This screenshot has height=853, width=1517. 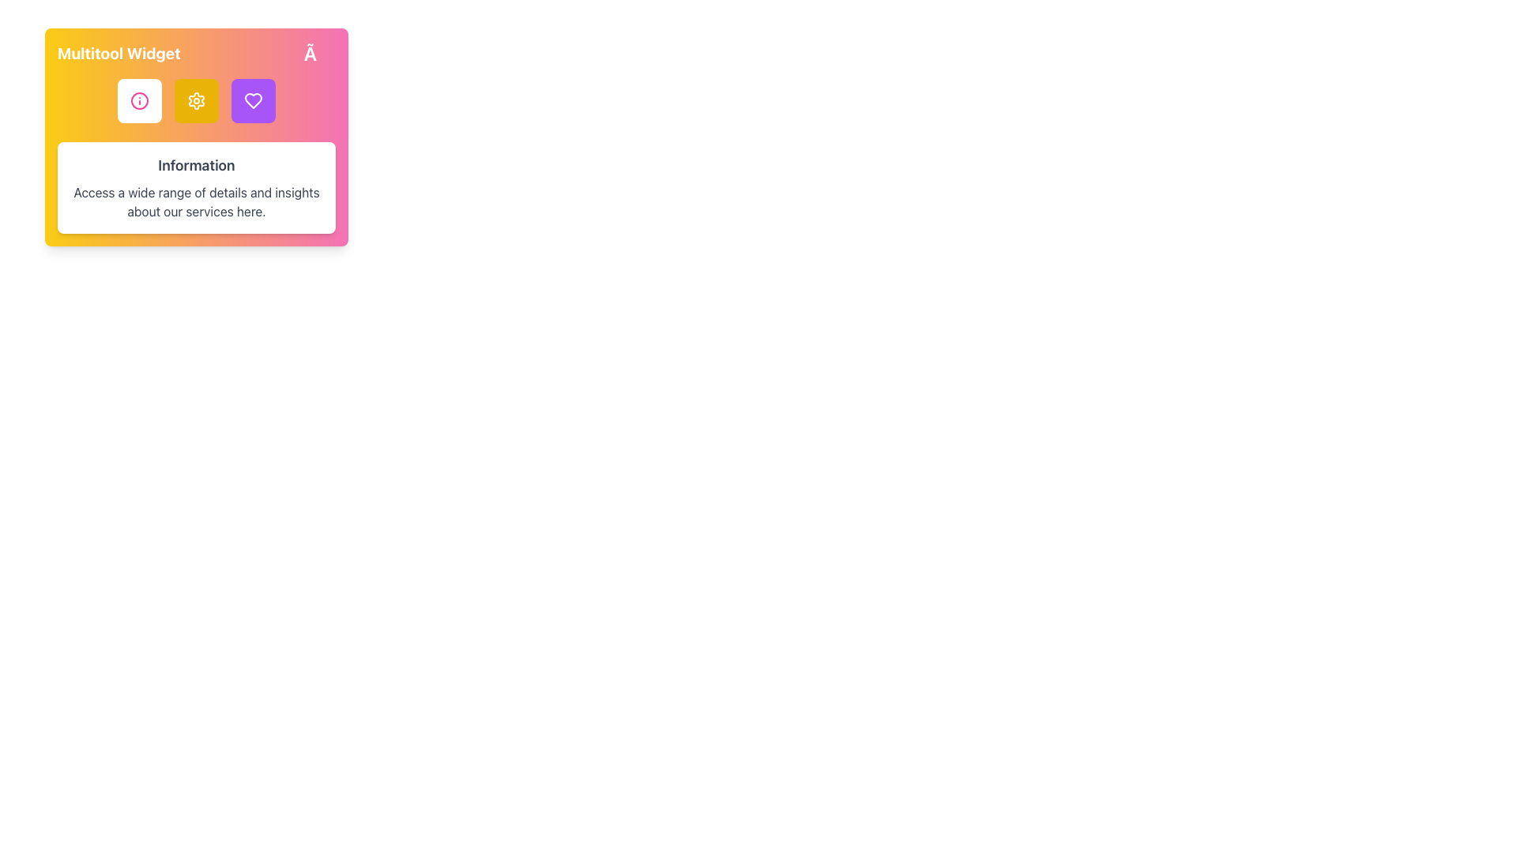 What do you see at coordinates (196, 187) in the screenshot?
I see `information displayed in the text block that contains a heading and a paragraph, located in the center of a white rectangular box below the 'Multitool Widget' title` at bounding box center [196, 187].